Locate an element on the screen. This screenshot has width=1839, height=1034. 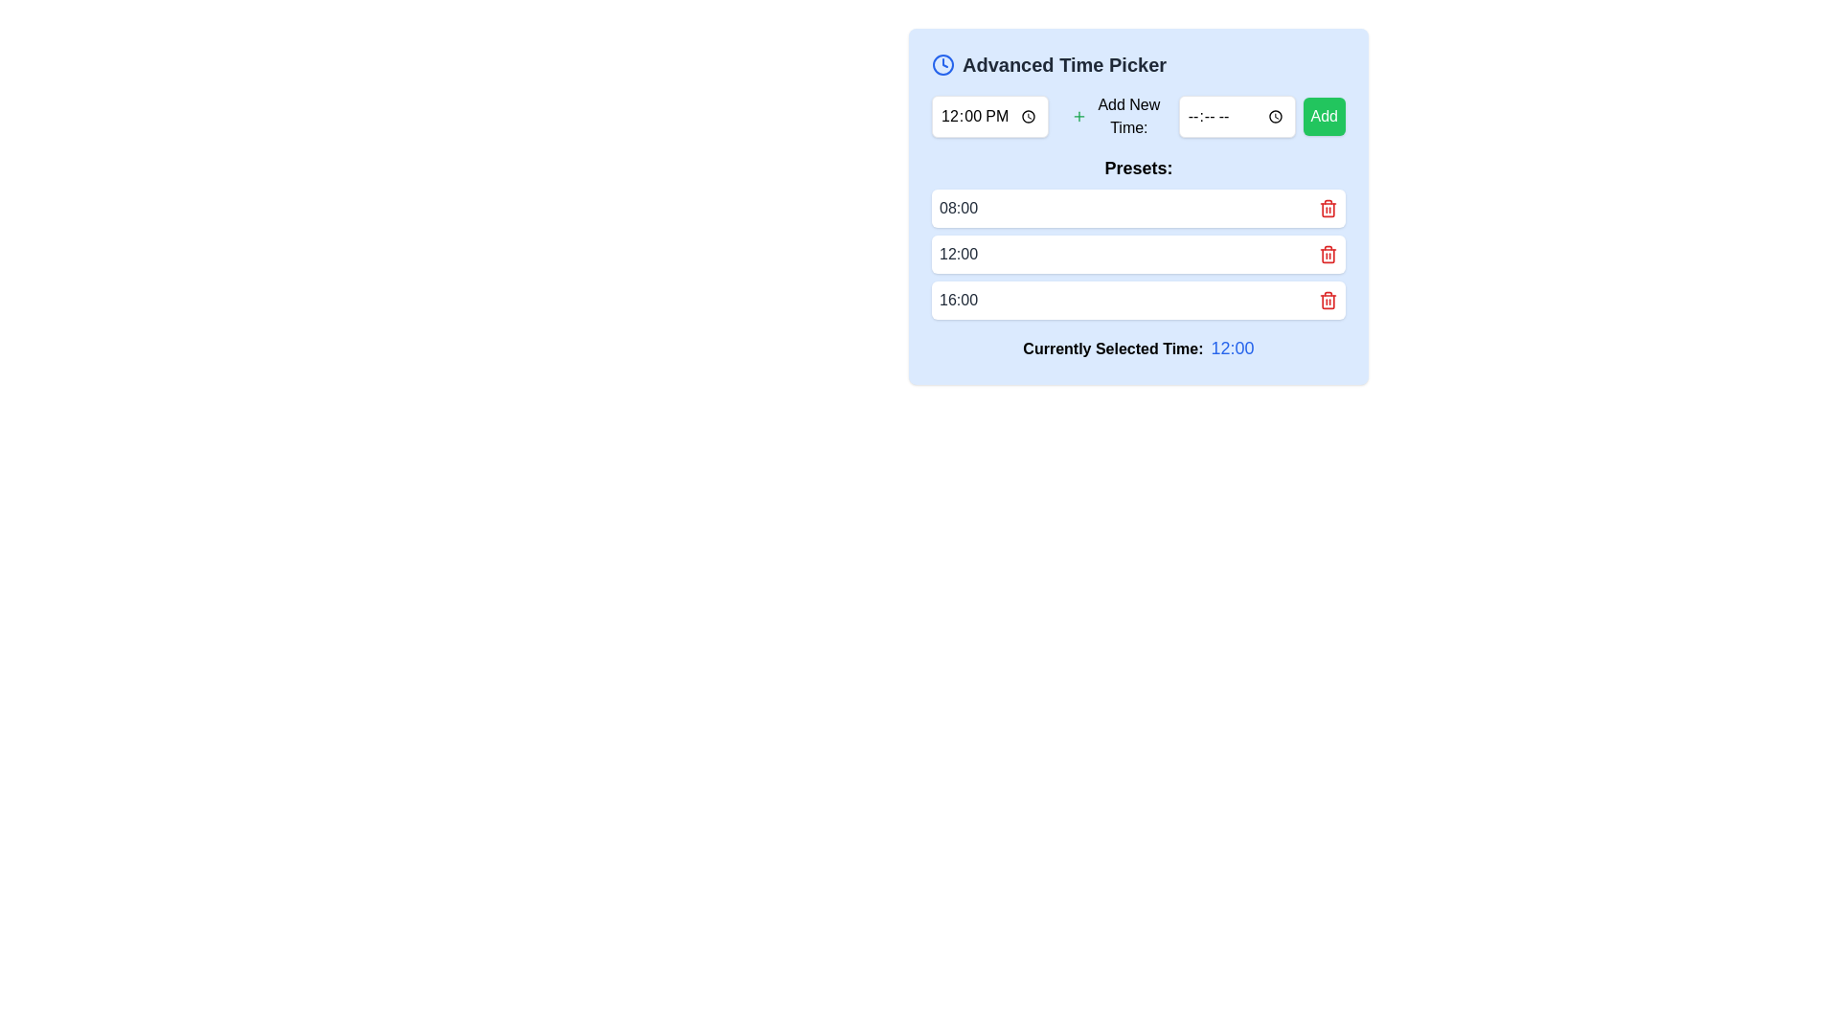
the second selectable list item displaying '12:00' is located at coordinates (1139, 254).